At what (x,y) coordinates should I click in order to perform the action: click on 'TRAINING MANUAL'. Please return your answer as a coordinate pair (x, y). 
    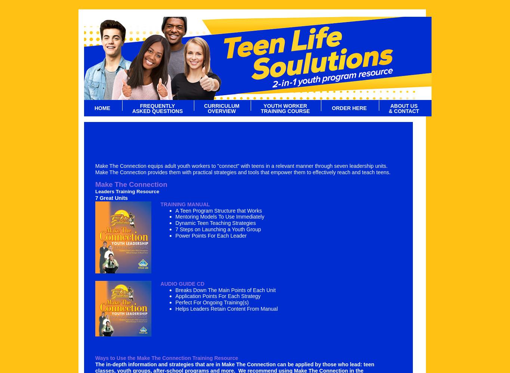
    Looking at the image, I should click on (184, 204).